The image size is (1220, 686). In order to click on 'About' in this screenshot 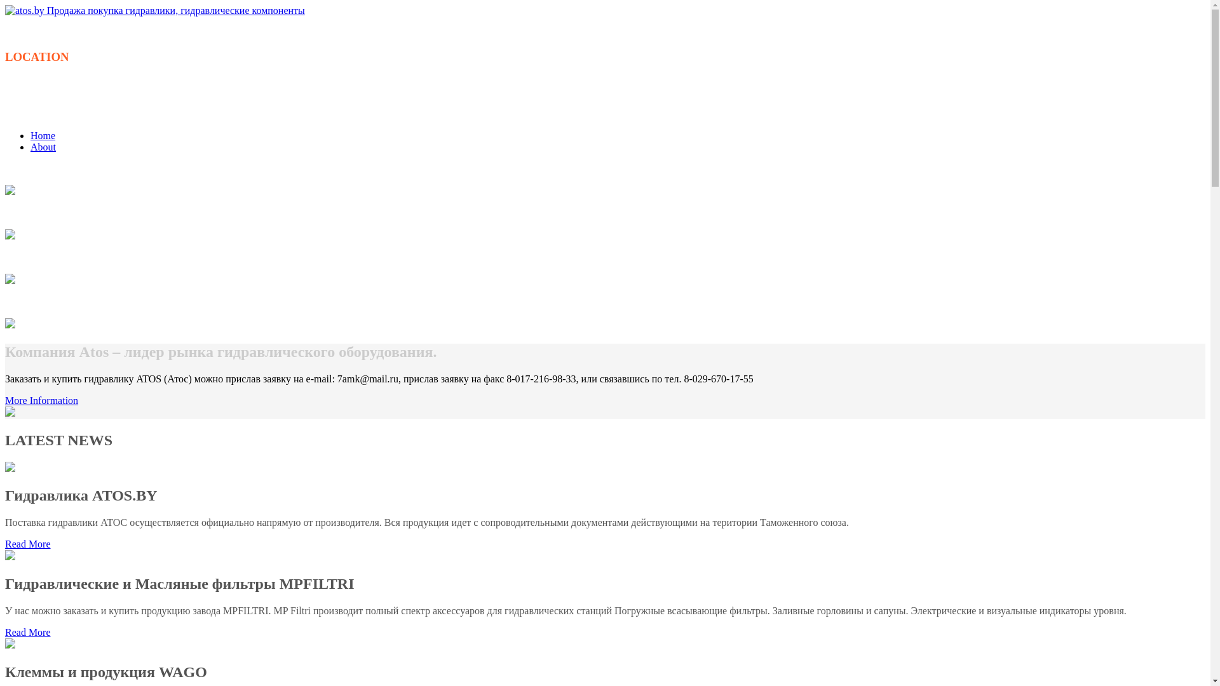, I will do `click(43, 146)`.